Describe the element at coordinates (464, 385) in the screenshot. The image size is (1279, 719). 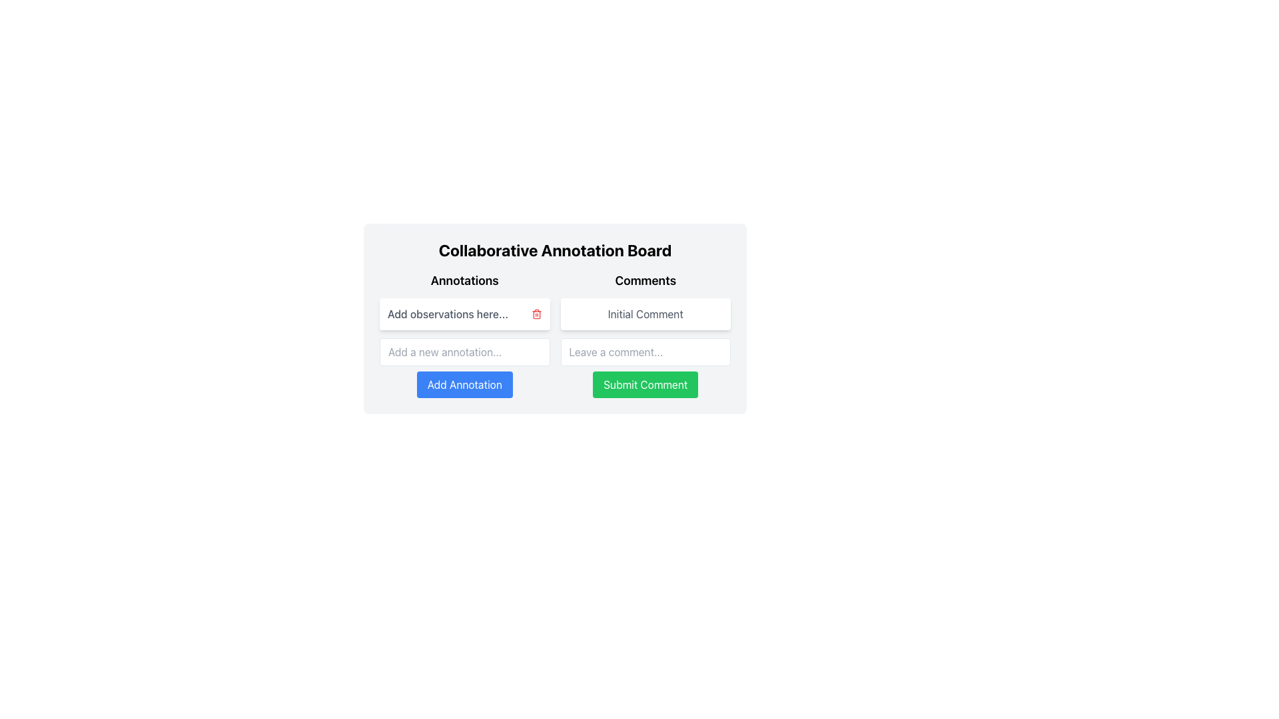
I see `the 'Add Annotation' button located in the 'Annotations' section below the input box labeled 'Add a new annotation...'` at that location.